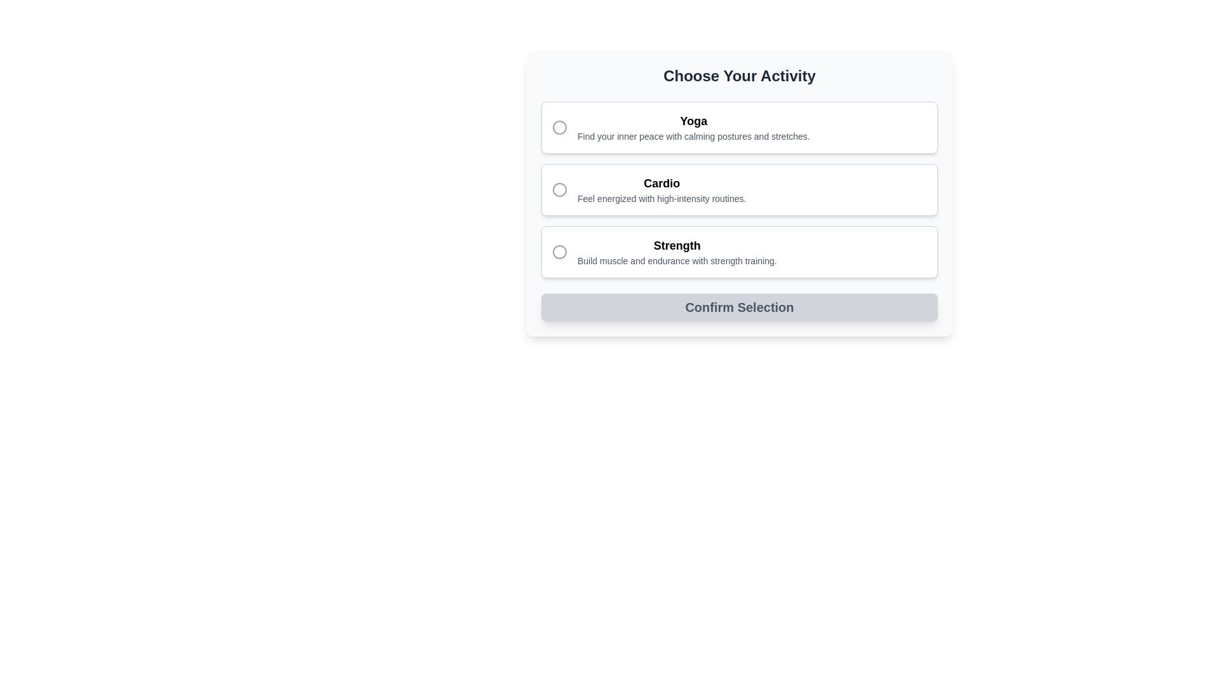 The width and height of the screenshot is (1220, 686). What do you see at coordinates (649, 190) in the screenshot?
I see `the text block displaying 'Cardio' and its subtitle 'Feel energized with high-intensity routines.' which is associated with the radio button in the vertical list` at bounding box center [649, 190].